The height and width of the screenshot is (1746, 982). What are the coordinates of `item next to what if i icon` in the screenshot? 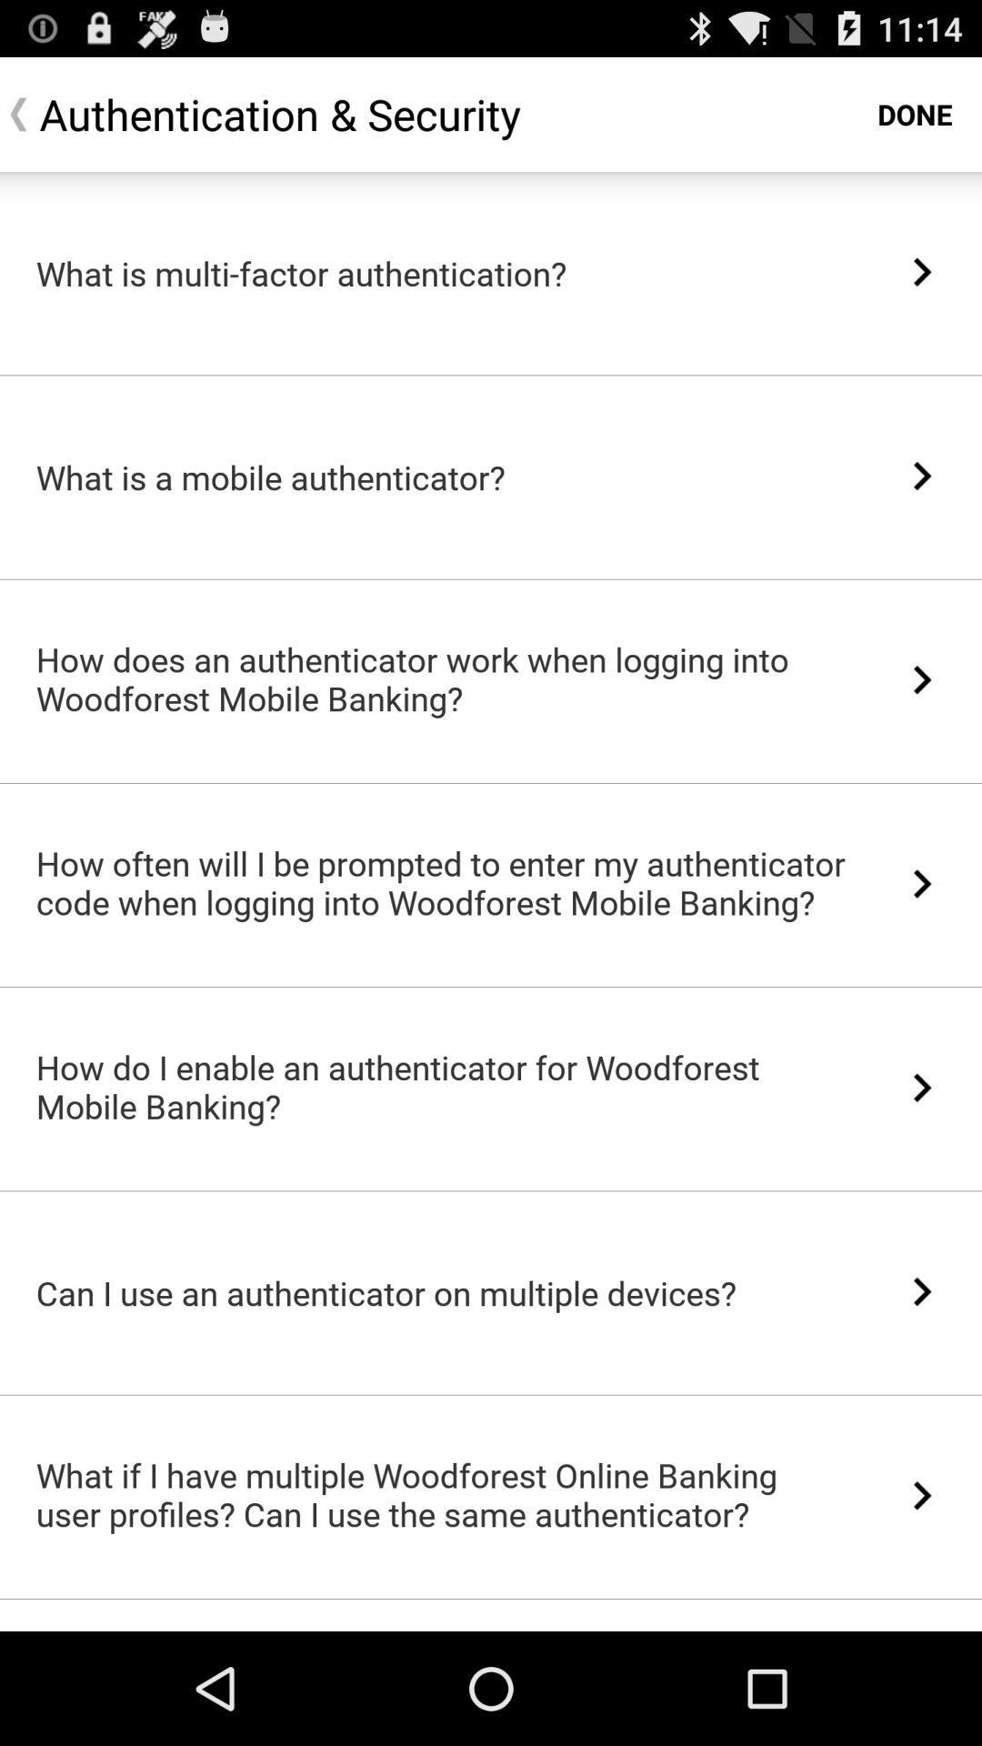 It's located at (922, 1495).